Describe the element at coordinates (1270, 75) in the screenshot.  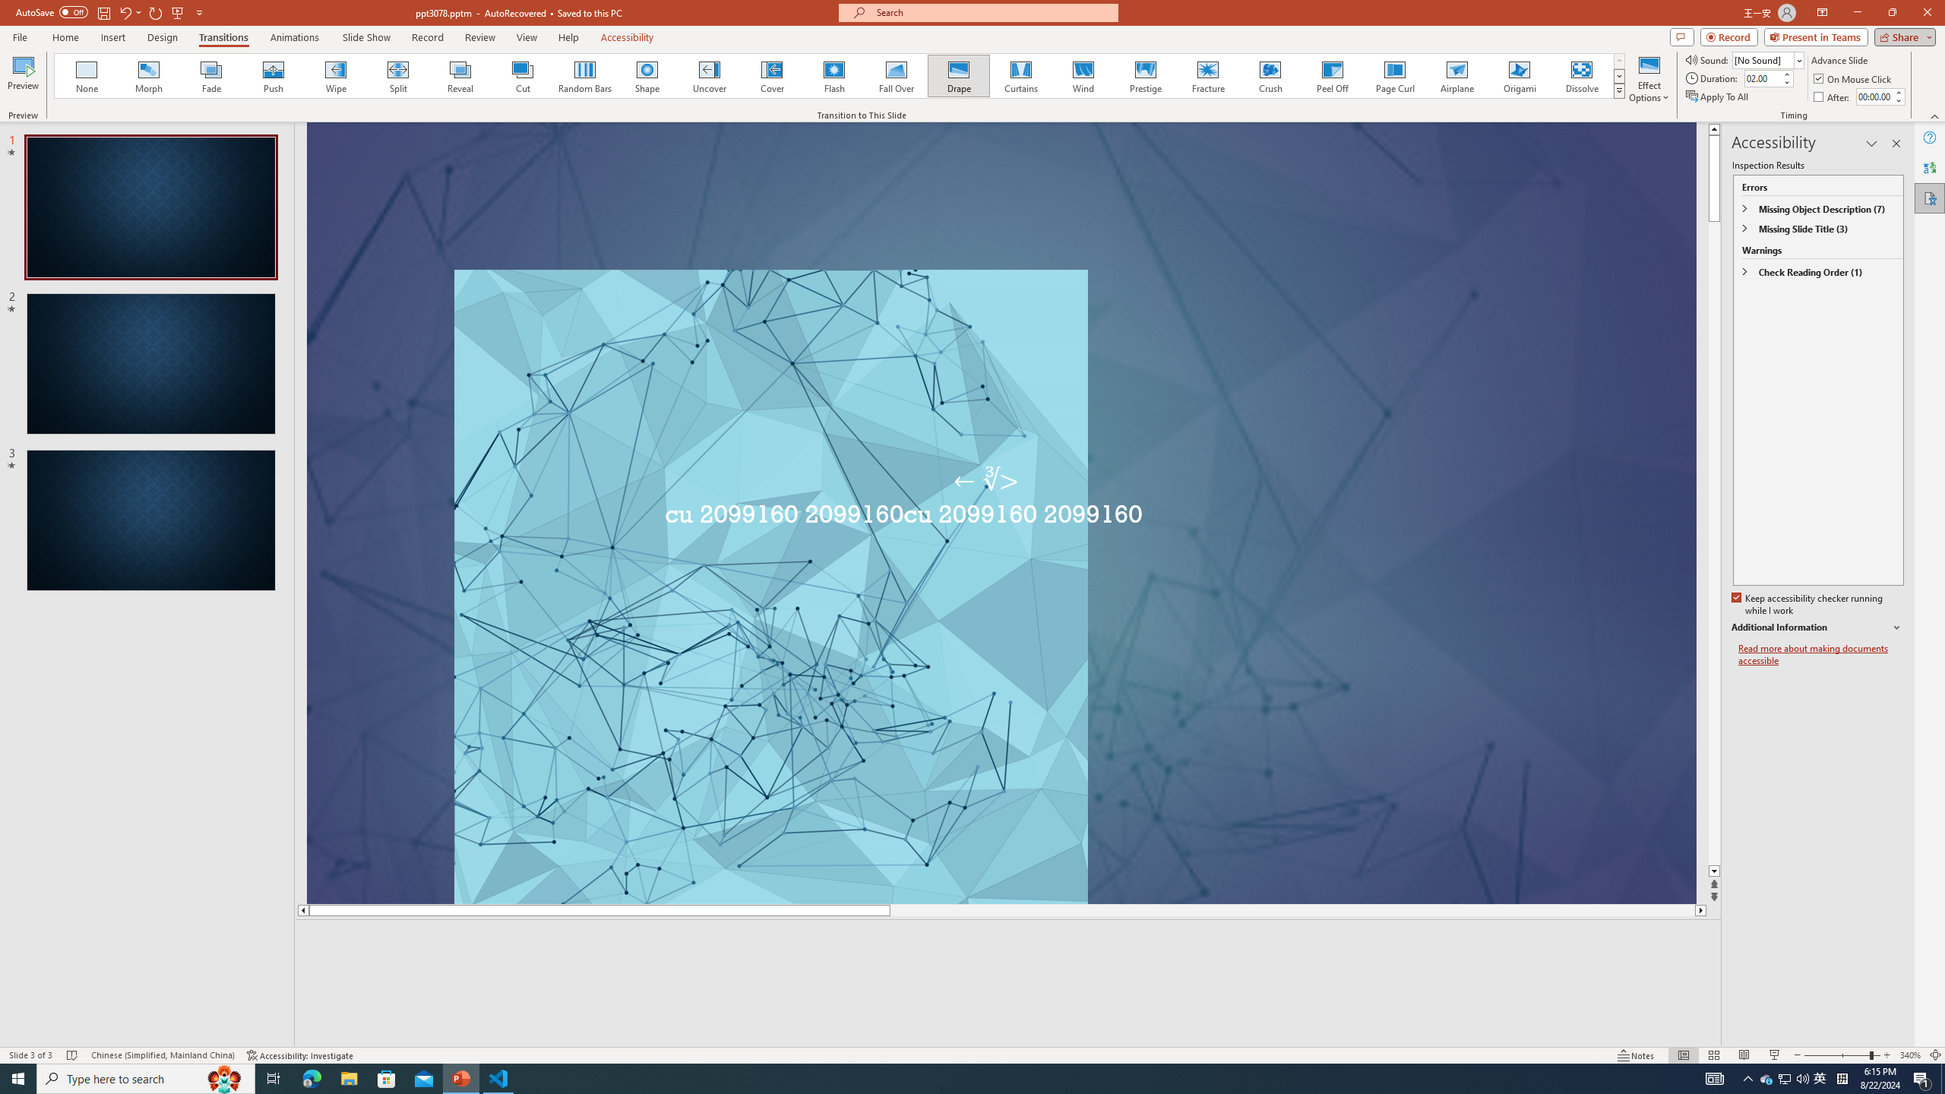
I see `'Crush'` at that location.